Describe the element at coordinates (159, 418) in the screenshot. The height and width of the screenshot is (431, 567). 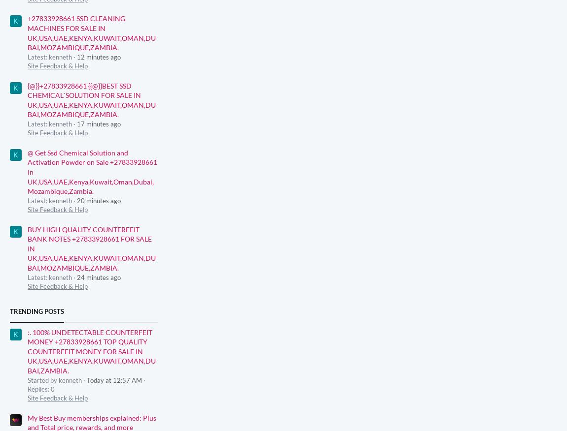
I see `'Advertising'` at that location.